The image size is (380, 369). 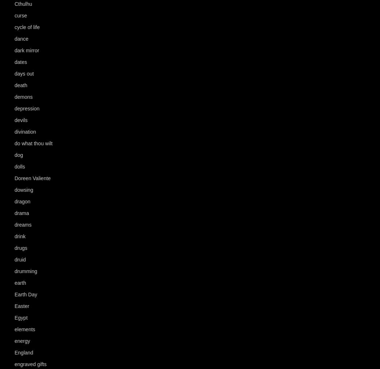 I want to click on 'engraved gifts', so click(x=30, y=364).